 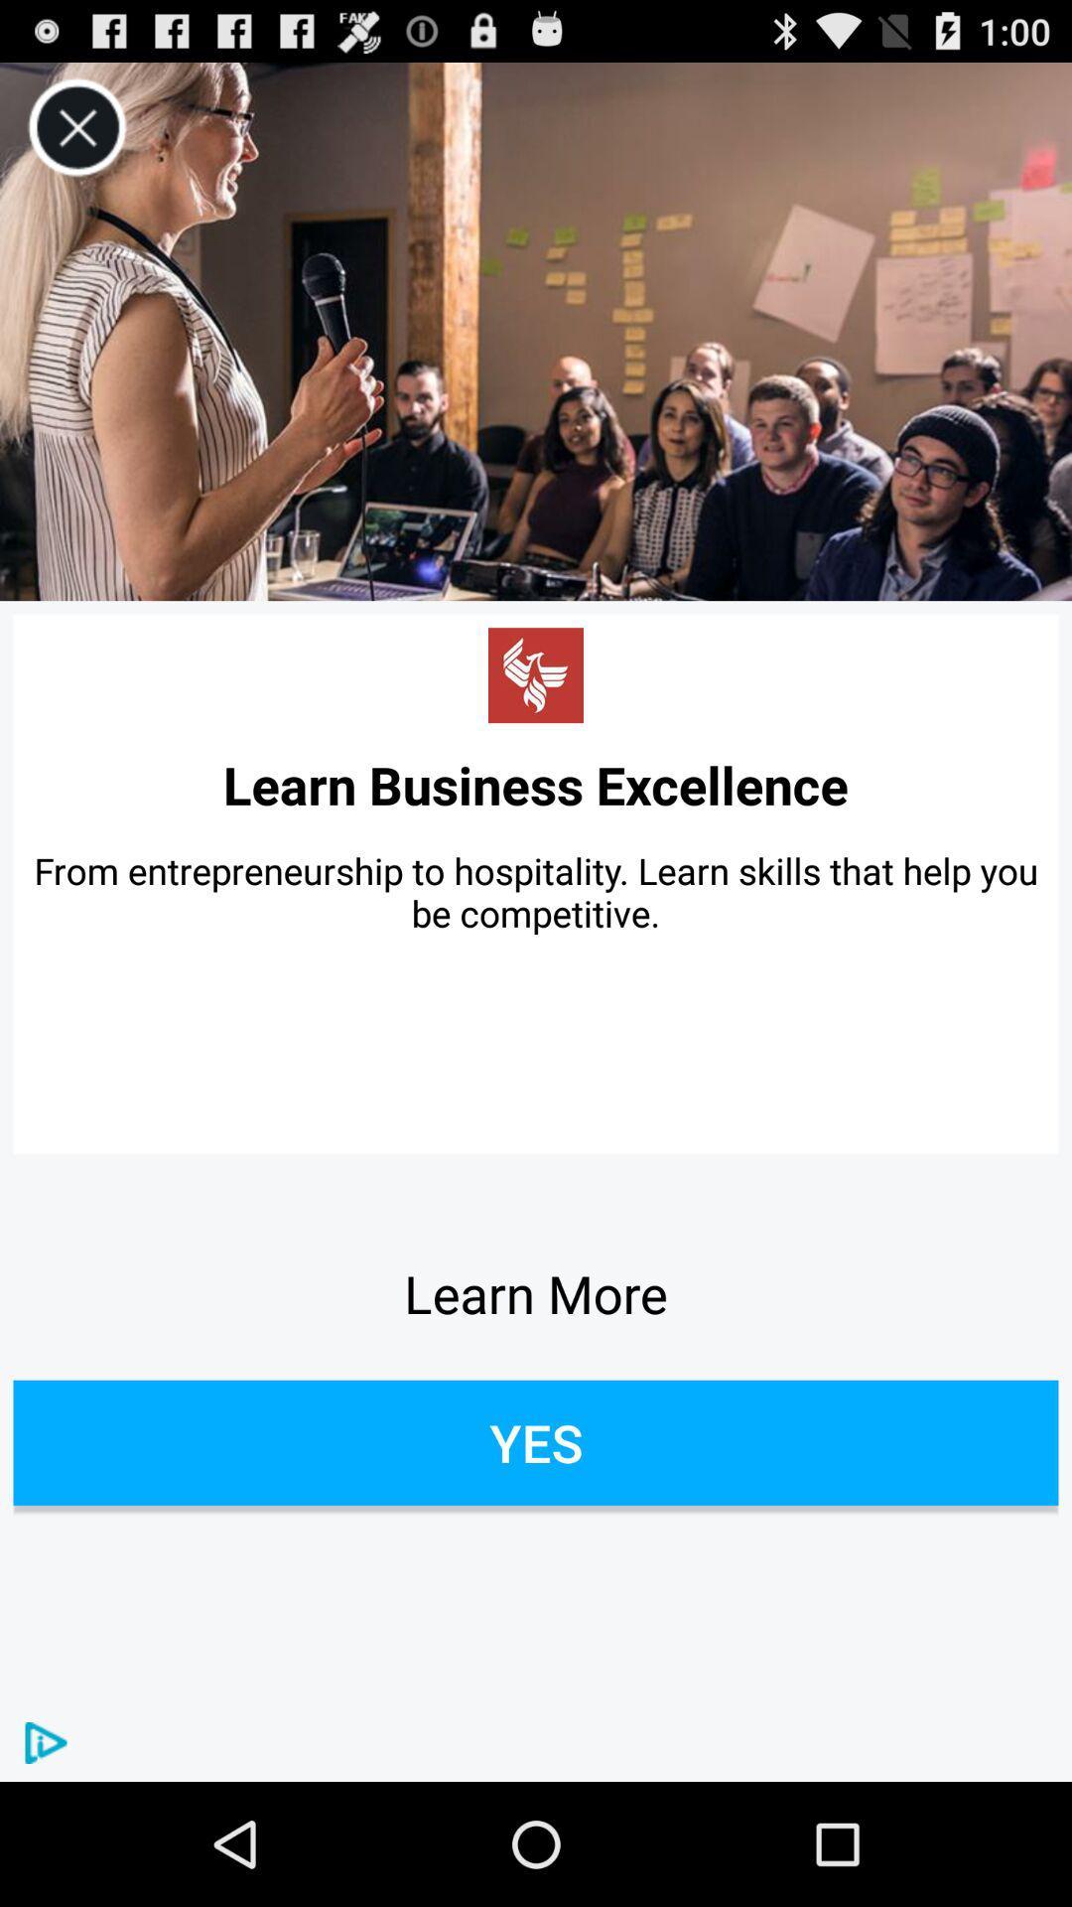 What do you see at coordinates (536, 332) in the screenshot?
I see `video` at bounding box center [536, 332].